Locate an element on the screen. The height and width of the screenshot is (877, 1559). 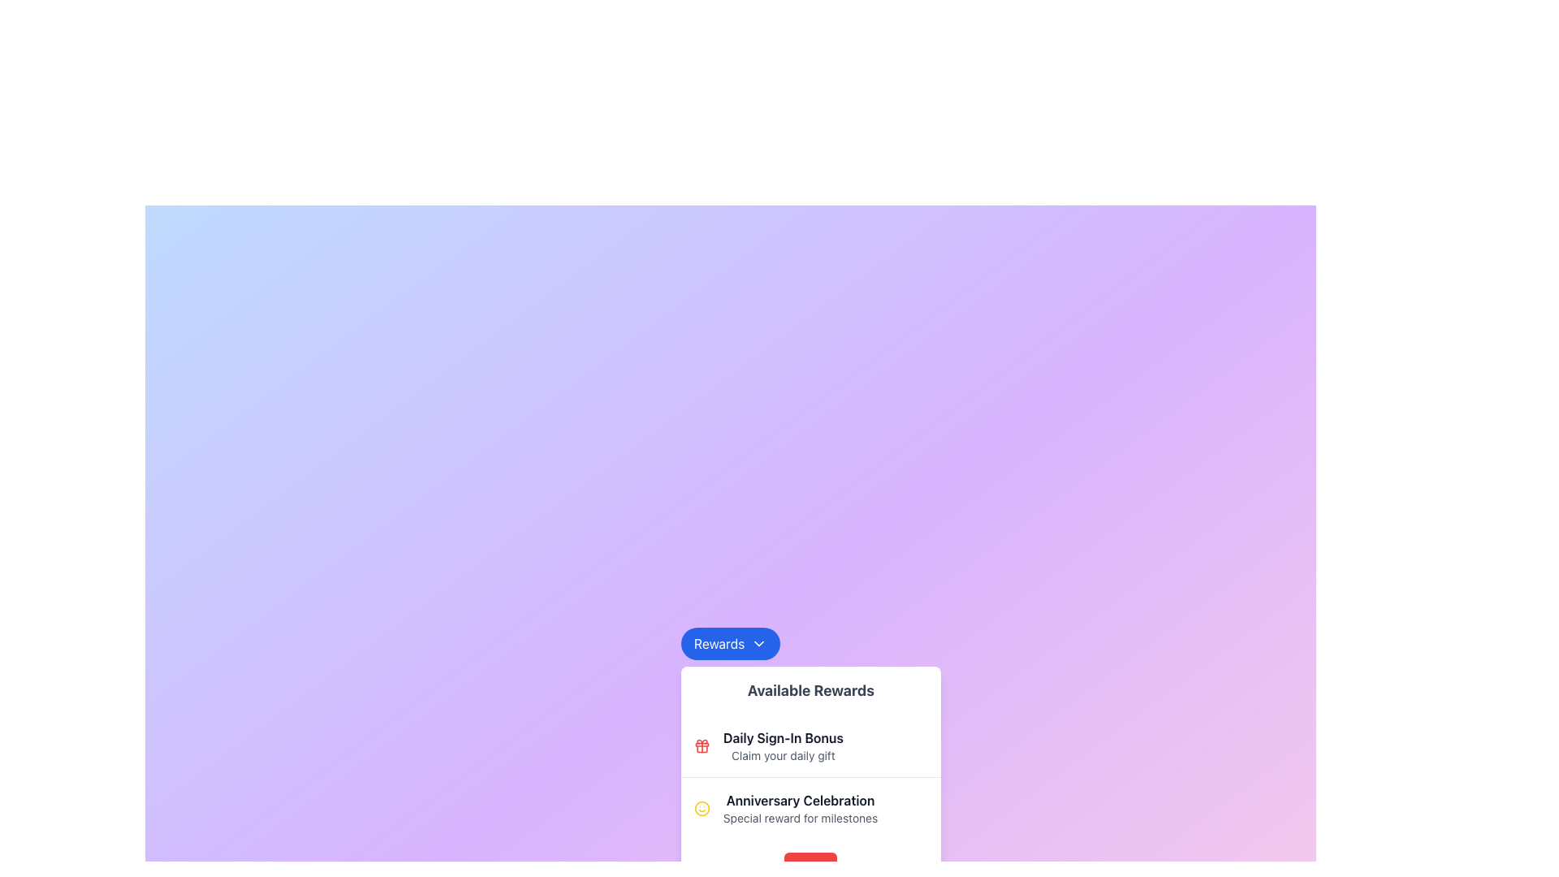
the 'Rewards' button is located at coordinates (730, 643).